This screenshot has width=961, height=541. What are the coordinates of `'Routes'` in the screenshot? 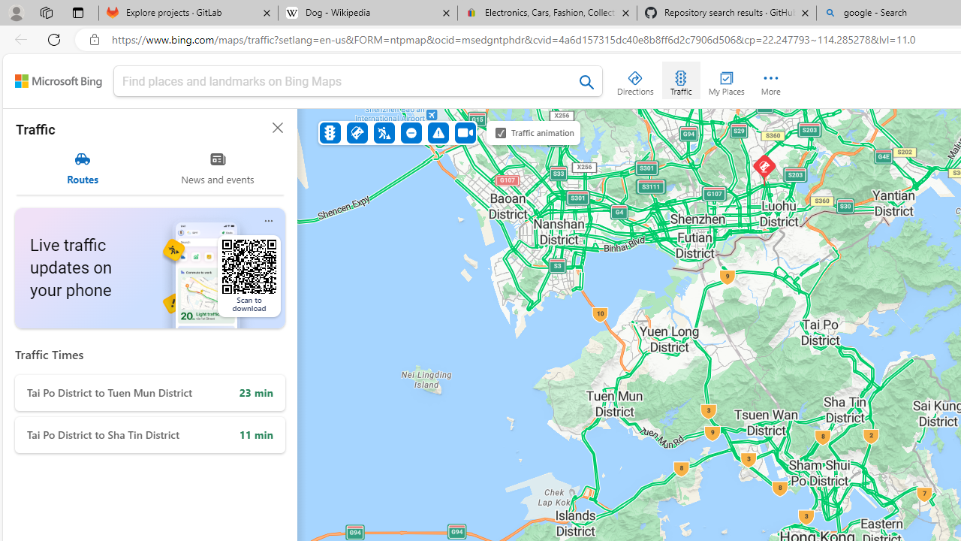 It's located at (82, 168).